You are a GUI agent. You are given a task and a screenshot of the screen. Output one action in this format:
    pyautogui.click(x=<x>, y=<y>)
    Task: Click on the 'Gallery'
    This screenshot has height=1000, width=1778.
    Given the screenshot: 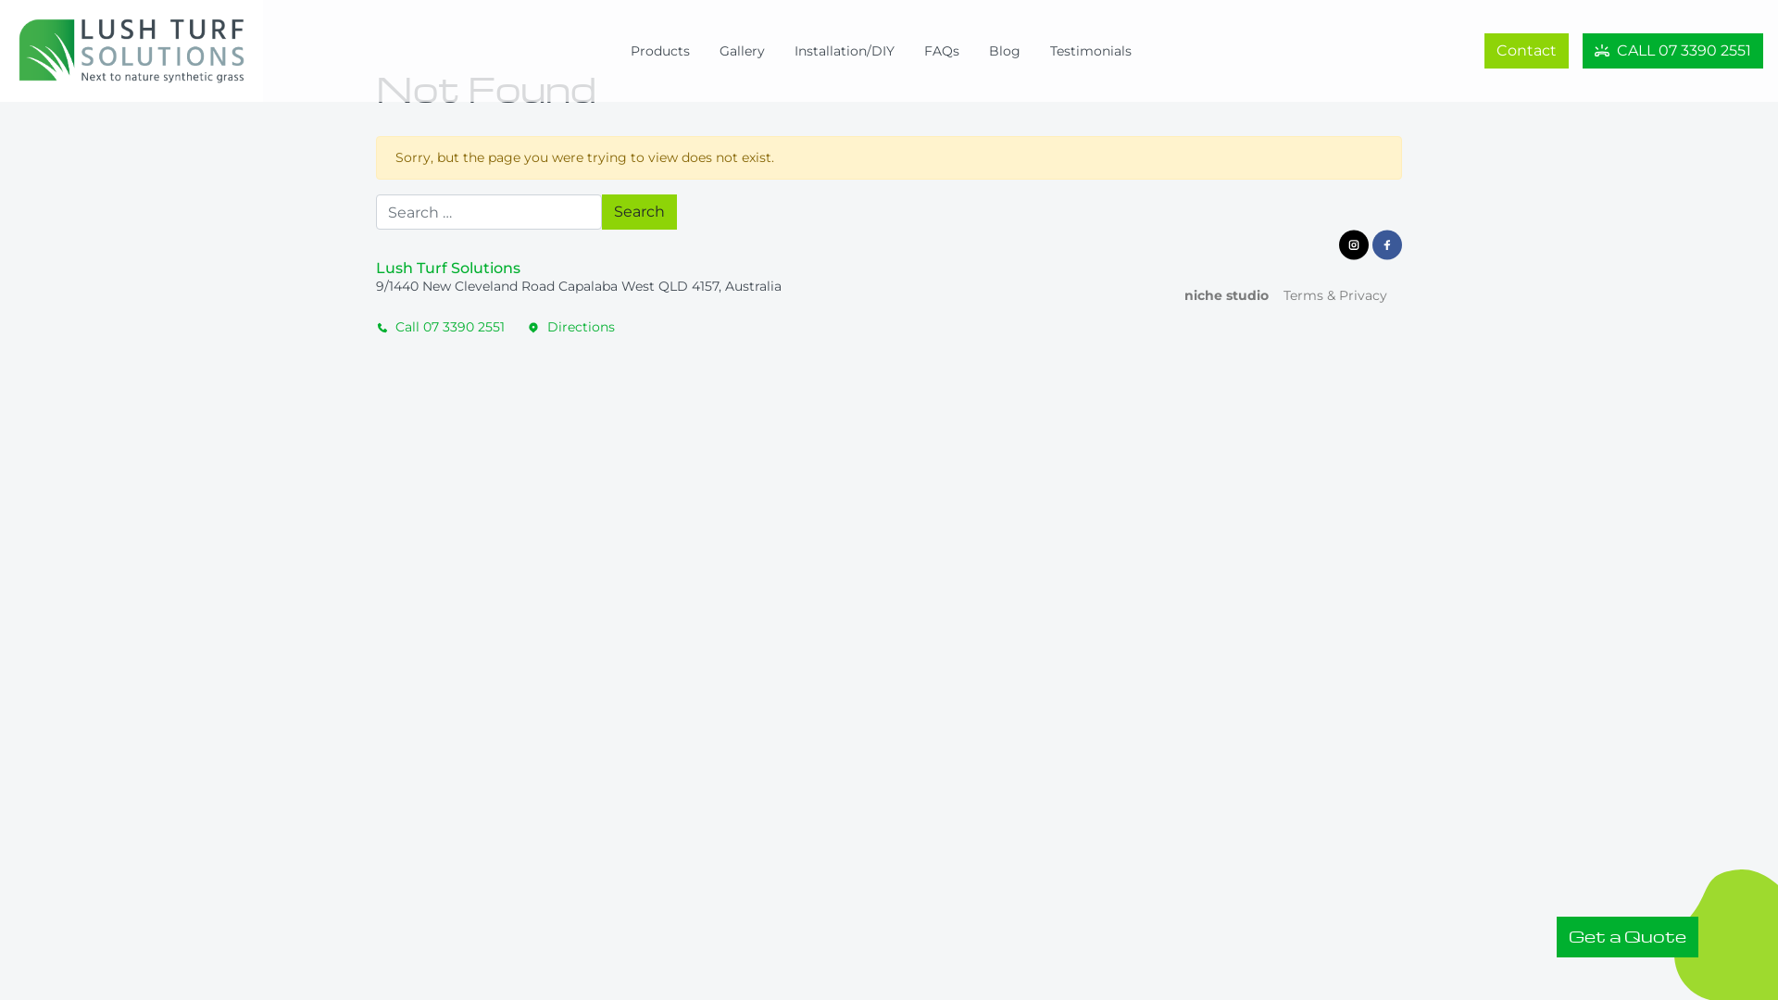 What is the action you would take?
    pyautogui.click(x=742, y=50)
    